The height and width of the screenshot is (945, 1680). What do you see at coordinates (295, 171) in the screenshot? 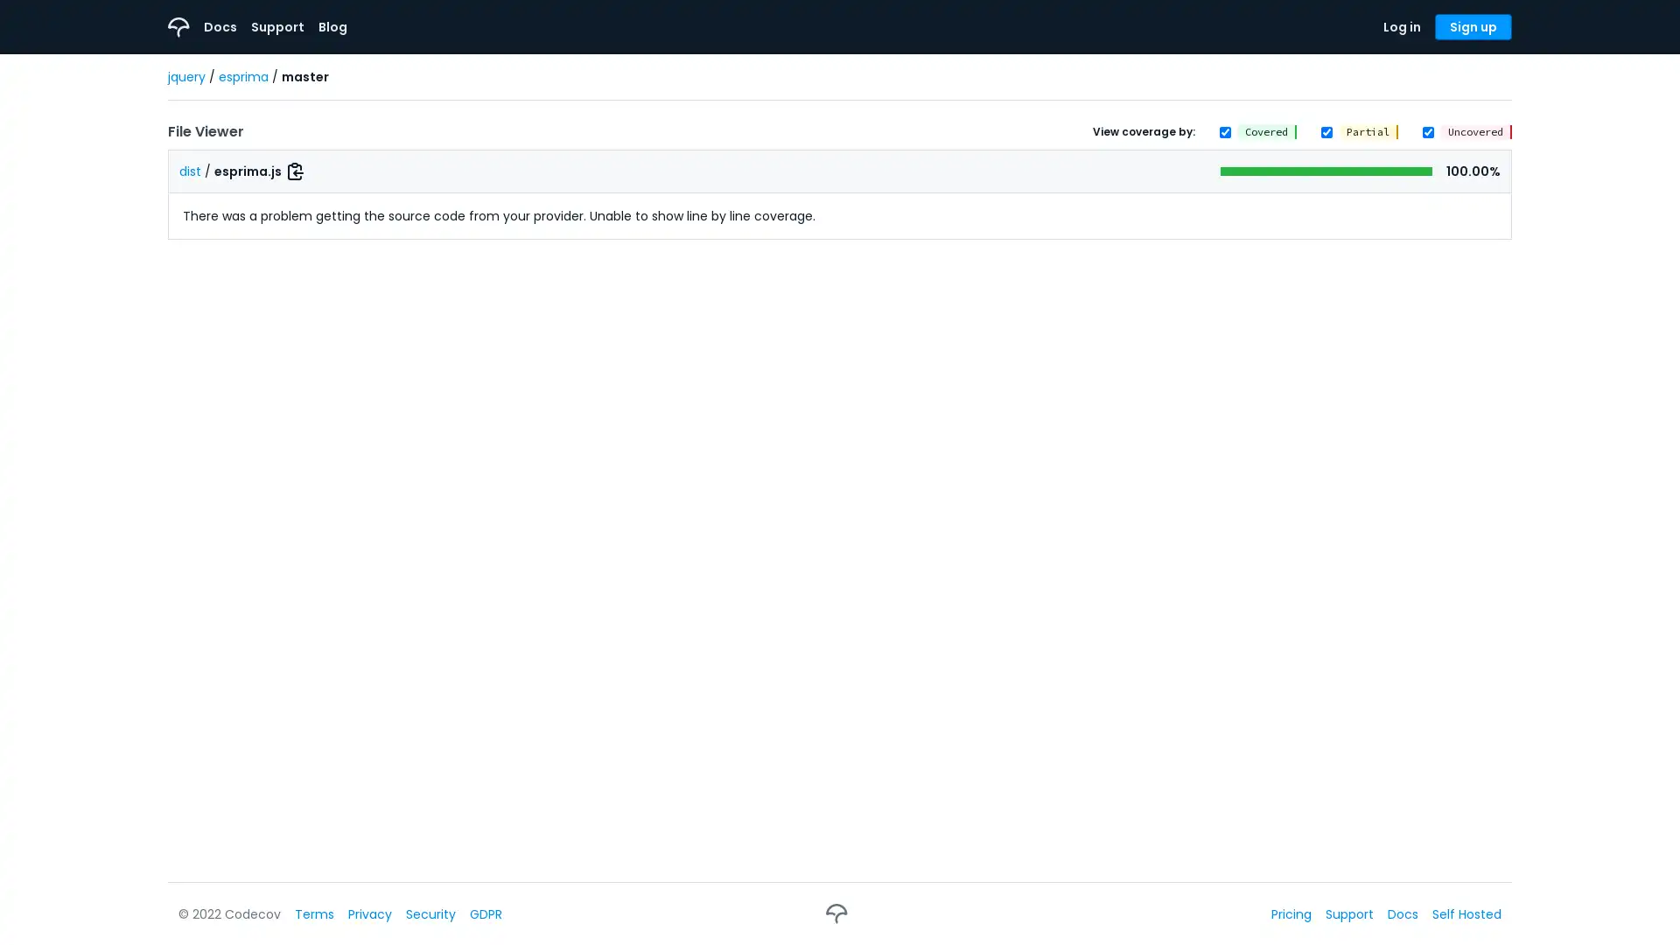
I see `copy` at bounding box center [295, 171].